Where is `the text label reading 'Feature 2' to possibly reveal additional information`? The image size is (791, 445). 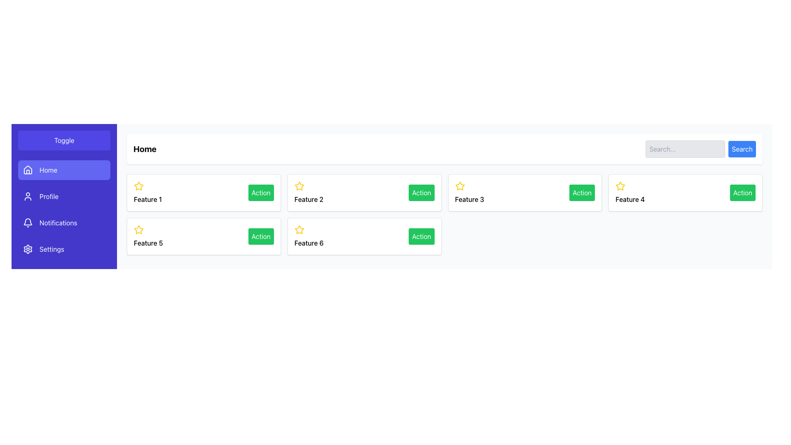
the text label reading 'Feature 2' to possibly reveal additional information is located at coordinates (308, 199).